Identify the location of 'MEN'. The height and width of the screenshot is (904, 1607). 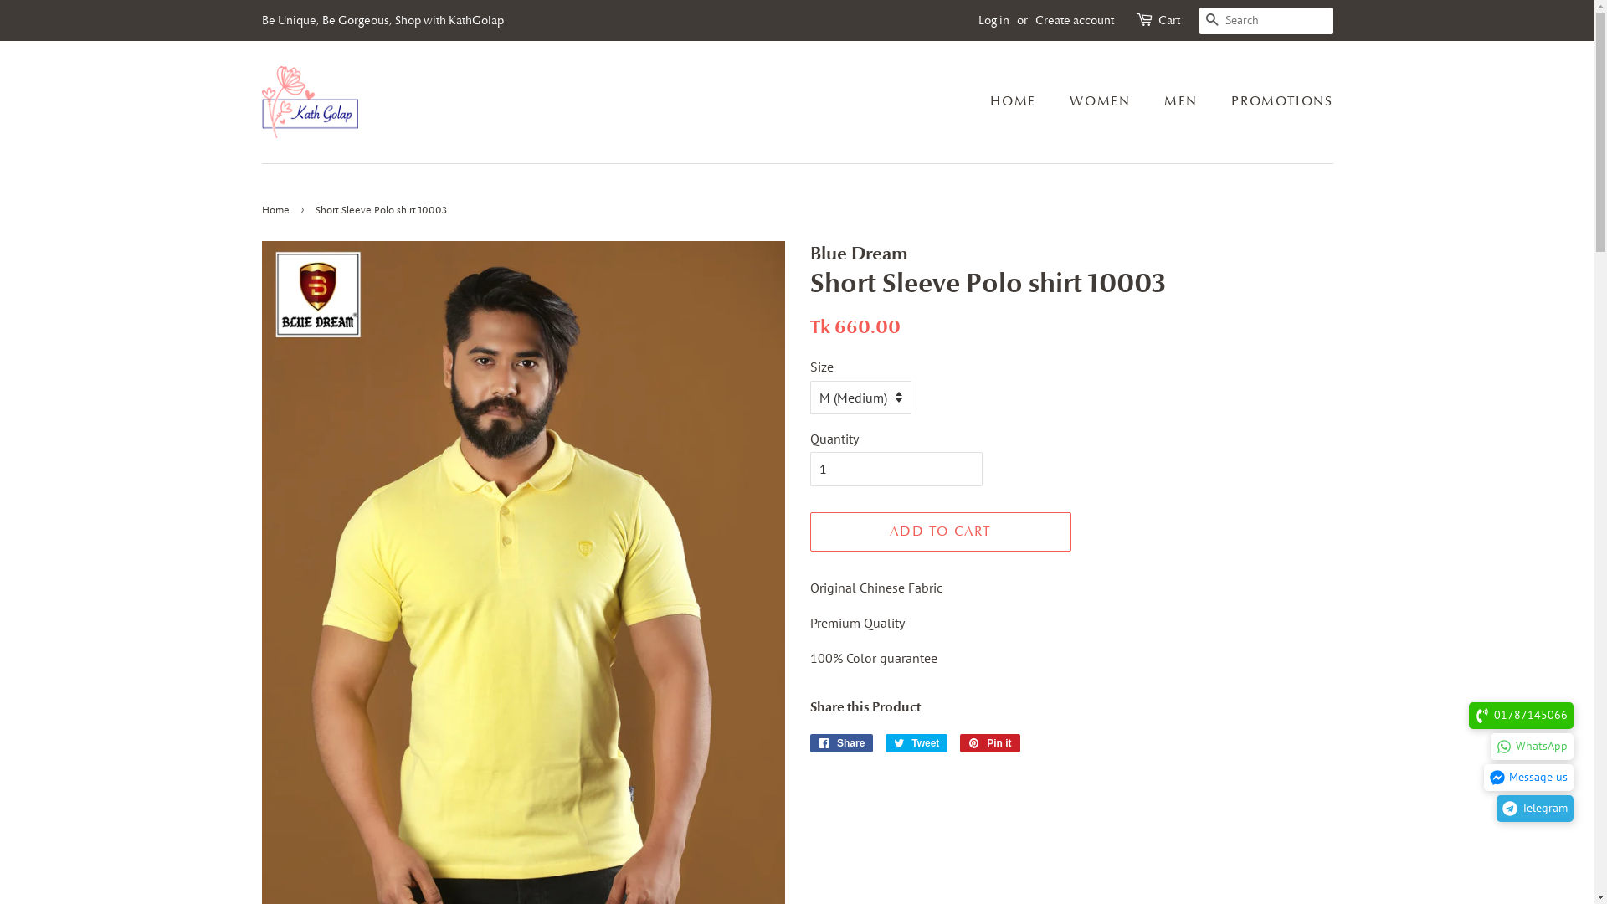
(1182, 101).